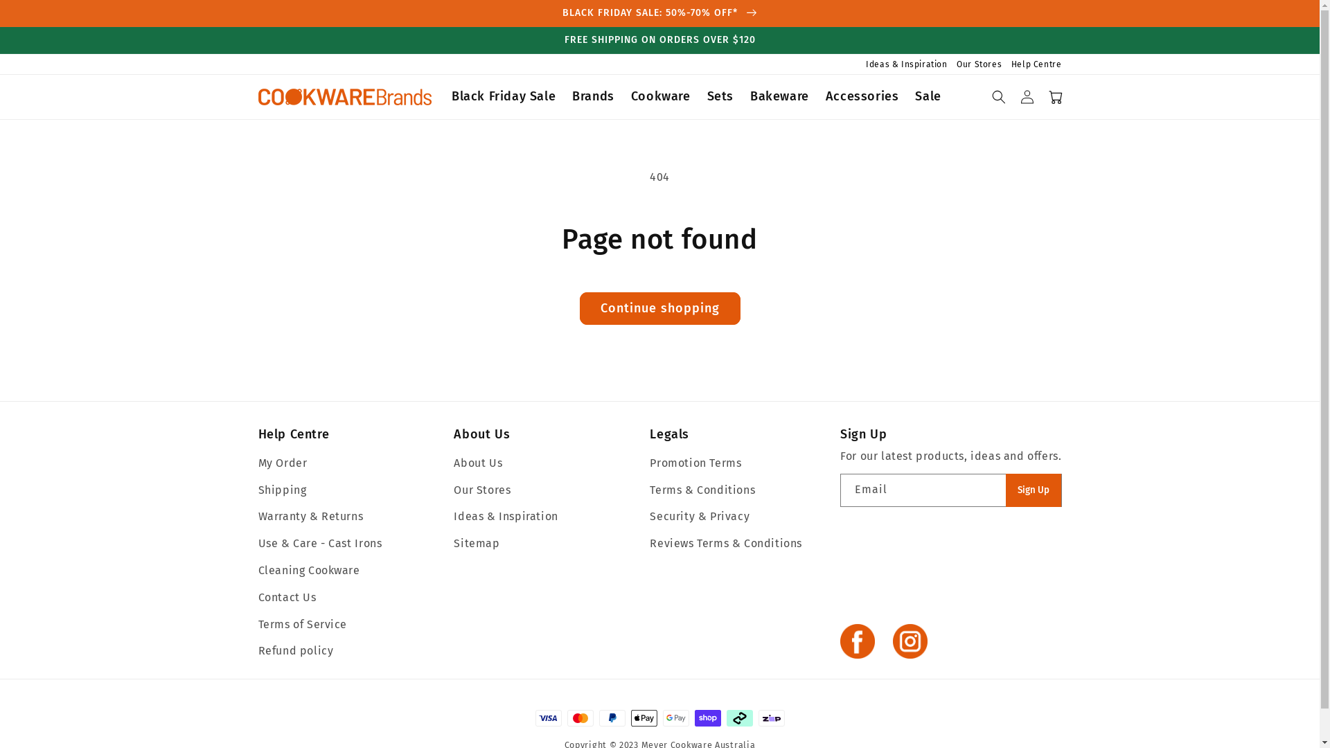  Describe the element at coordinates (294, 651) in the screenshot. I see `'Refund policy'` at that location.